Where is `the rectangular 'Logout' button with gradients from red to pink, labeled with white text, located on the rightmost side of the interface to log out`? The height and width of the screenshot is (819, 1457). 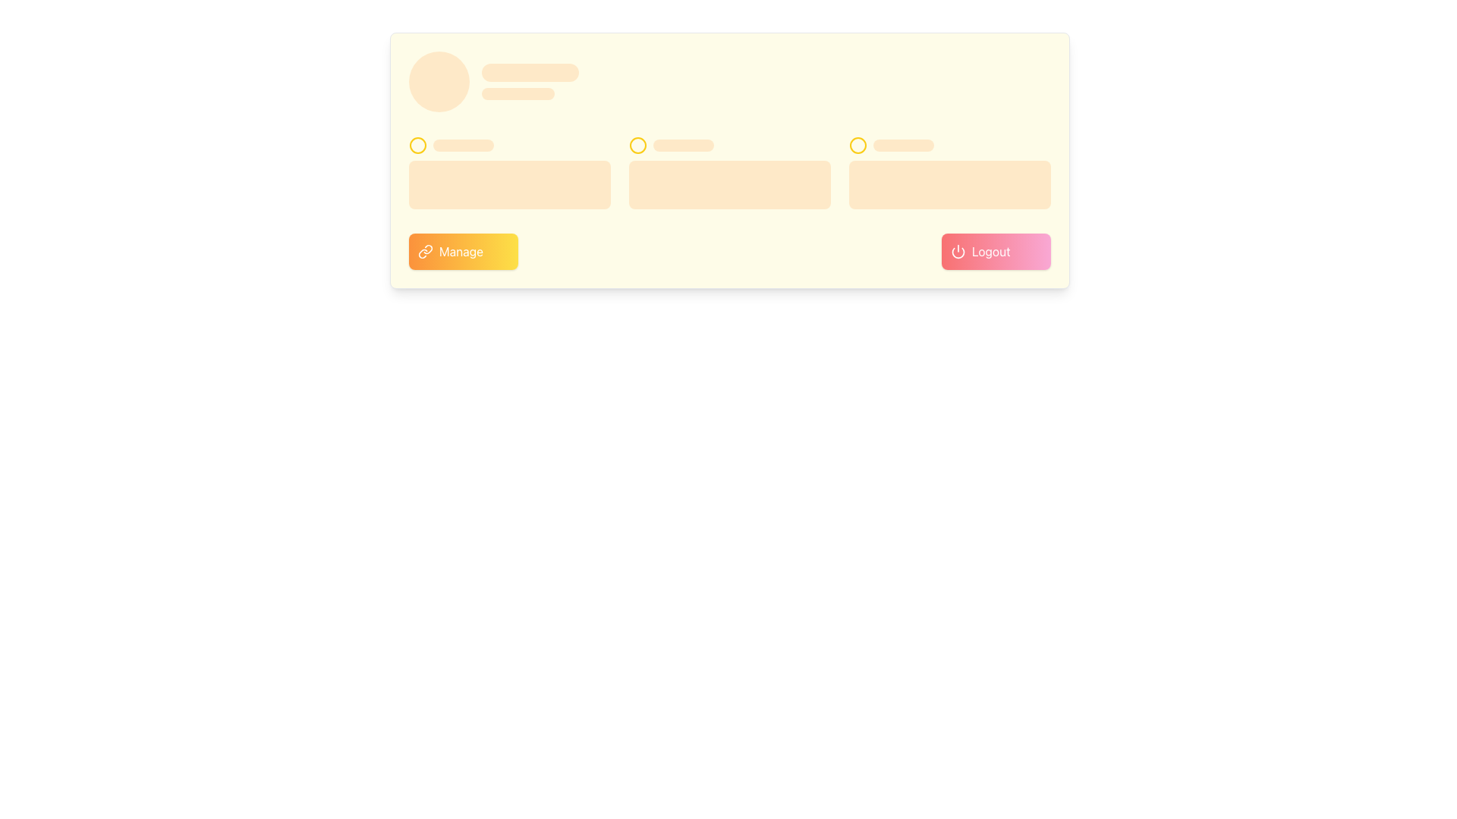 the rectangular 'Logout' button with gradients from red to pink, labeled with white text, located on the rightmost side of the interface to log out is located at coordinates (996, 250).